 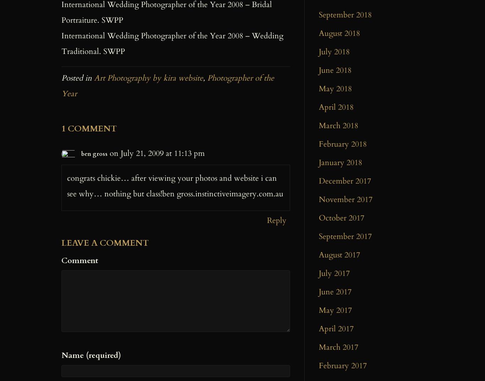 What do you see at coordinates (172, 43) in the screenshot?
I see `'International Wedding Photographer of the Year 2008 – Wedding Traditional. SWPP'` at bounding box center [172, 43].